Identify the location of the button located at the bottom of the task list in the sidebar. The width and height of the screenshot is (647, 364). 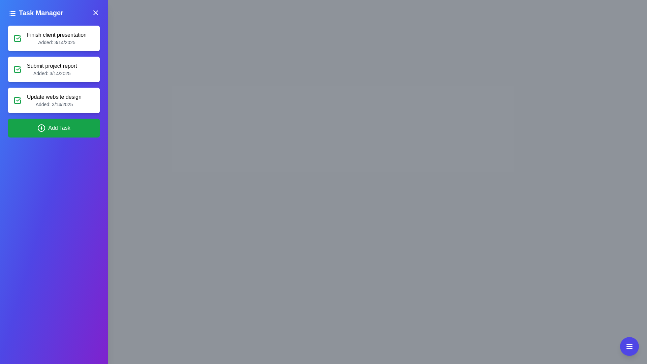
(53, 128).